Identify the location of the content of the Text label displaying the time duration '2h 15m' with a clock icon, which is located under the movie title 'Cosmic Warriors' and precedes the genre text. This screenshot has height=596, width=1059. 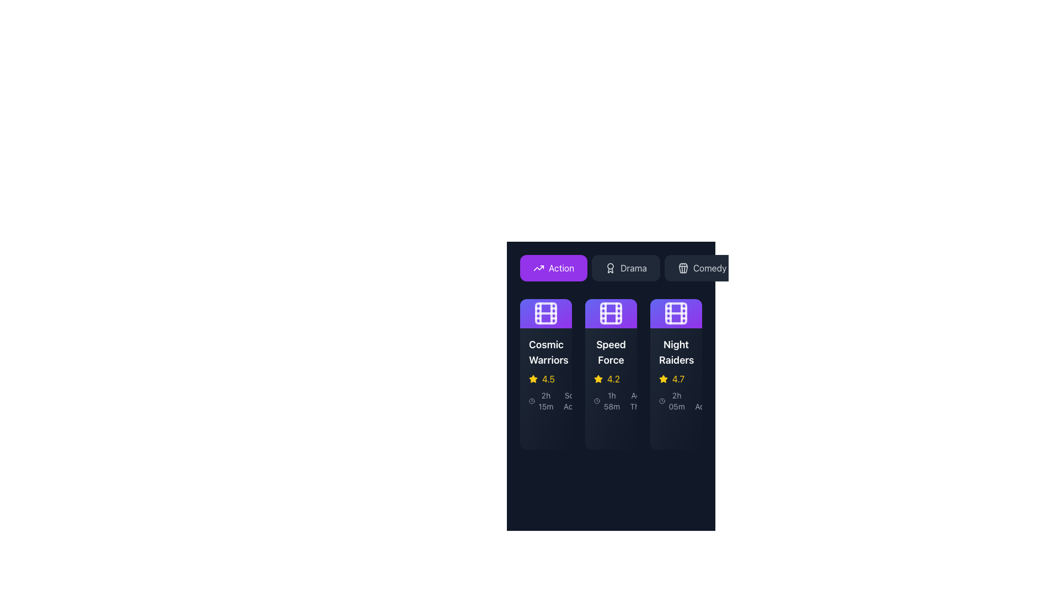
(542, 401).